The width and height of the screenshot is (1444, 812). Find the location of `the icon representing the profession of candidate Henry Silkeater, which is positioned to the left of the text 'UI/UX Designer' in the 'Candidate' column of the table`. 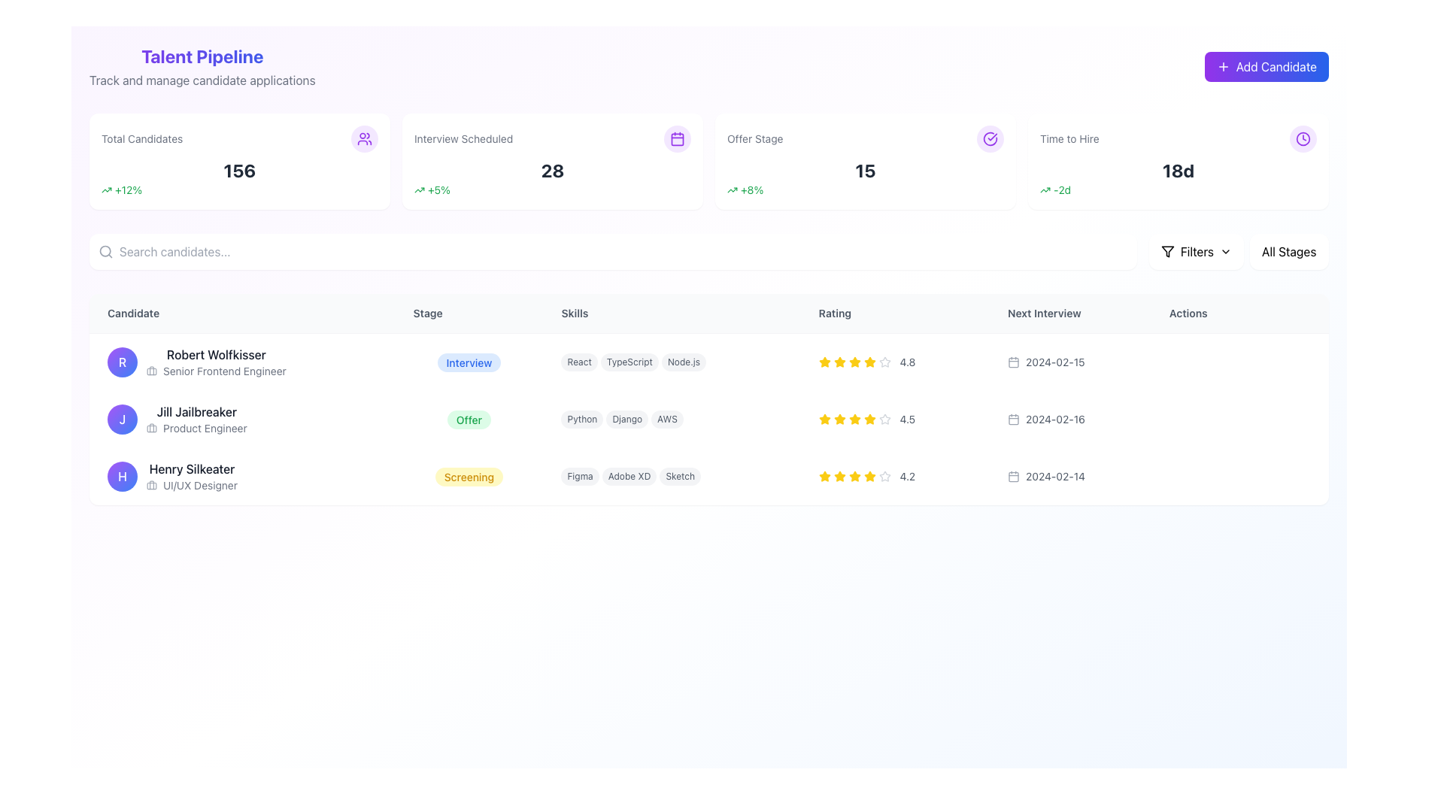

the icon representing the profession of candidate Henry Silkeater, which is positioned to the left of the text 'UI/UX Designer' in the 'Candidate' column of the table is located at coordinates (151, 485).